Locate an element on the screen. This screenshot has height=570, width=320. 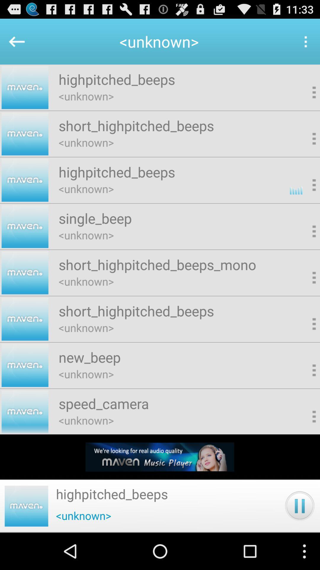
the more icon is located at coordinates (304, 198).